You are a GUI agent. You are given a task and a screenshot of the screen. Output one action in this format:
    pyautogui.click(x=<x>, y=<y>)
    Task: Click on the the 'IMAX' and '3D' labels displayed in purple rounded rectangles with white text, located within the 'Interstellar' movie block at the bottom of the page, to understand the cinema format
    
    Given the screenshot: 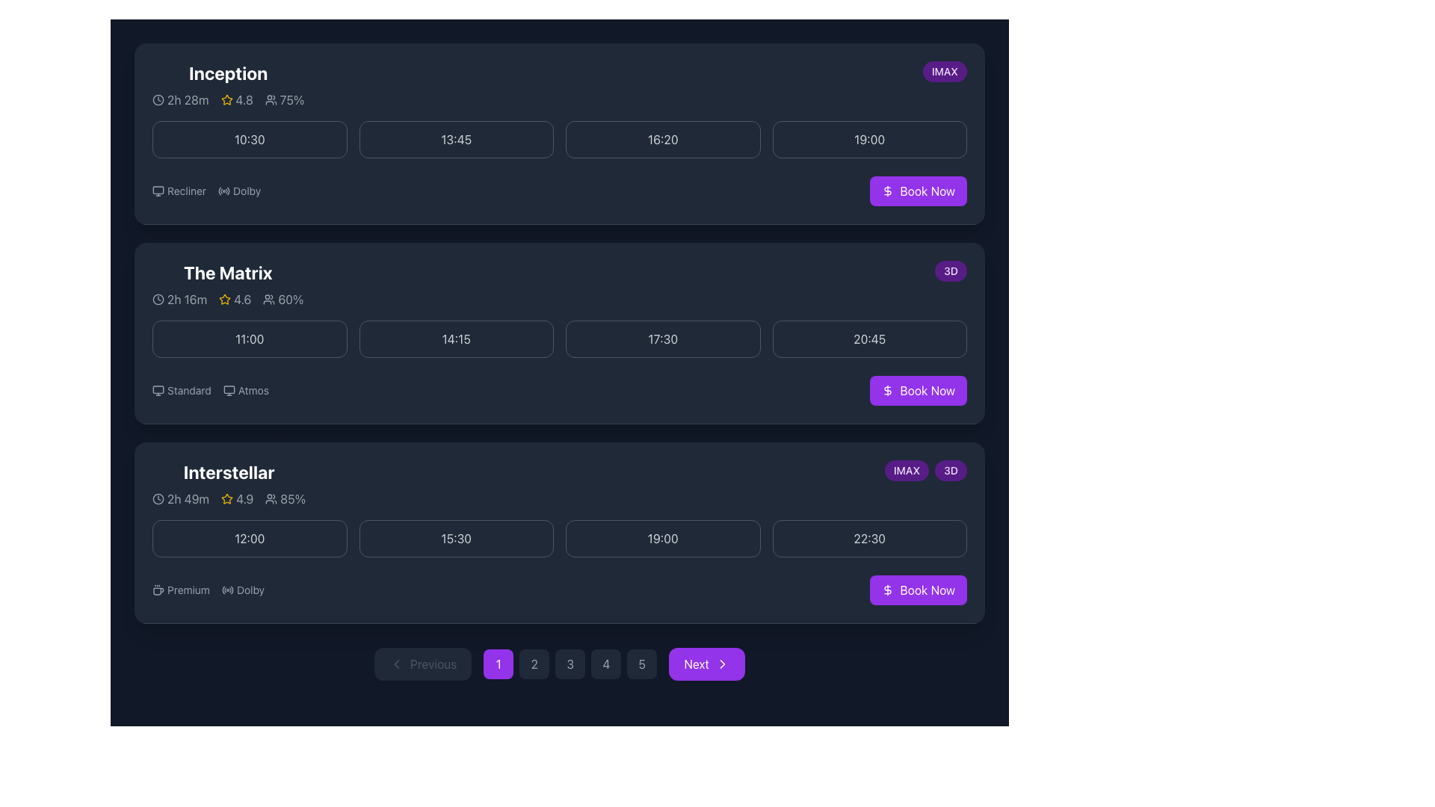 What is the action you would take?
    pyautogui.click(x=925, y=469)
    